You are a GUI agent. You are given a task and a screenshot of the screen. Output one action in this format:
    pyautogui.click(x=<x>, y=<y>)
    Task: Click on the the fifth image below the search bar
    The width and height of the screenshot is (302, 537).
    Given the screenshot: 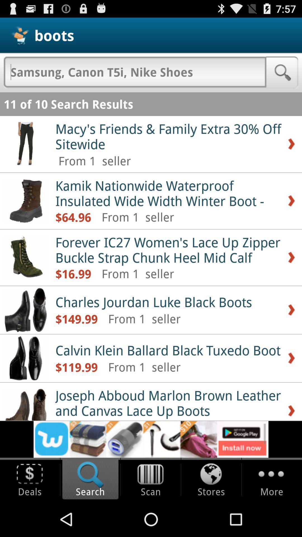 What is the action you would take?
    pyautogui.click(x=26, y=358)
    